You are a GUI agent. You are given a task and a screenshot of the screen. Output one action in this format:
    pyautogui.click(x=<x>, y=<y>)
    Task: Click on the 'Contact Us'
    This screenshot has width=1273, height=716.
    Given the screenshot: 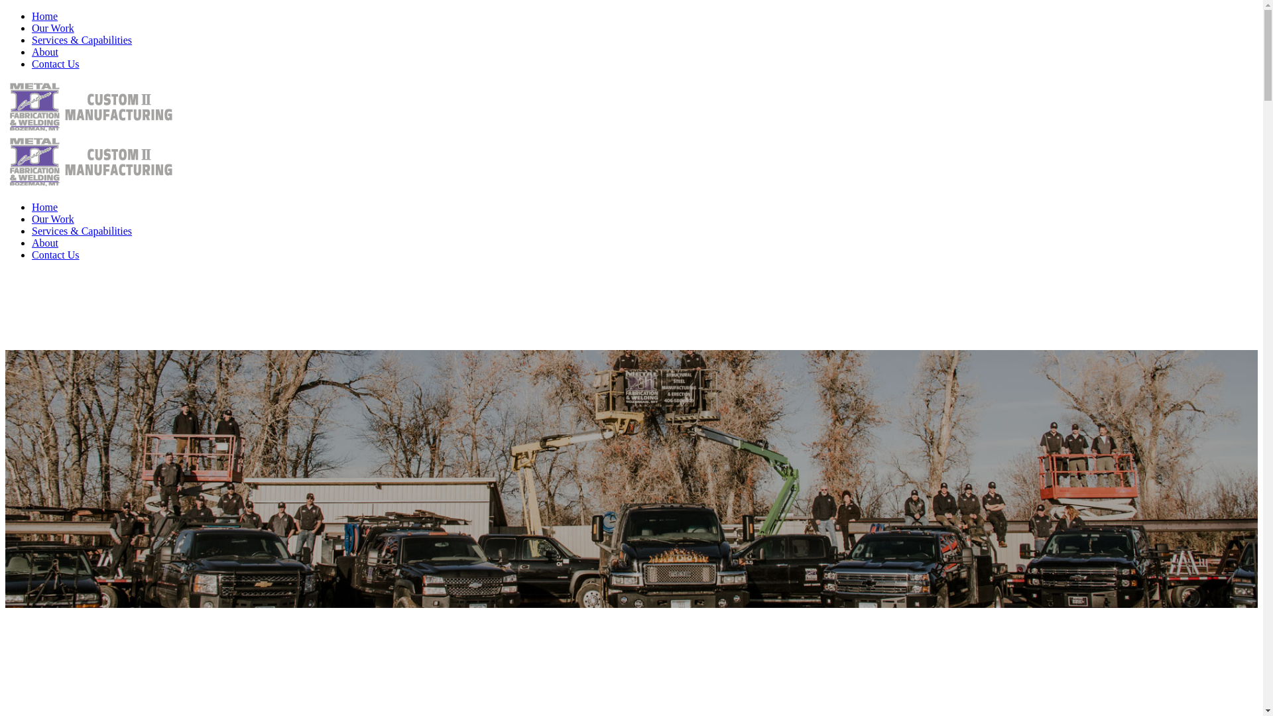 What is the action you would take?
    pyautogui.click(x=54, y=64)
    